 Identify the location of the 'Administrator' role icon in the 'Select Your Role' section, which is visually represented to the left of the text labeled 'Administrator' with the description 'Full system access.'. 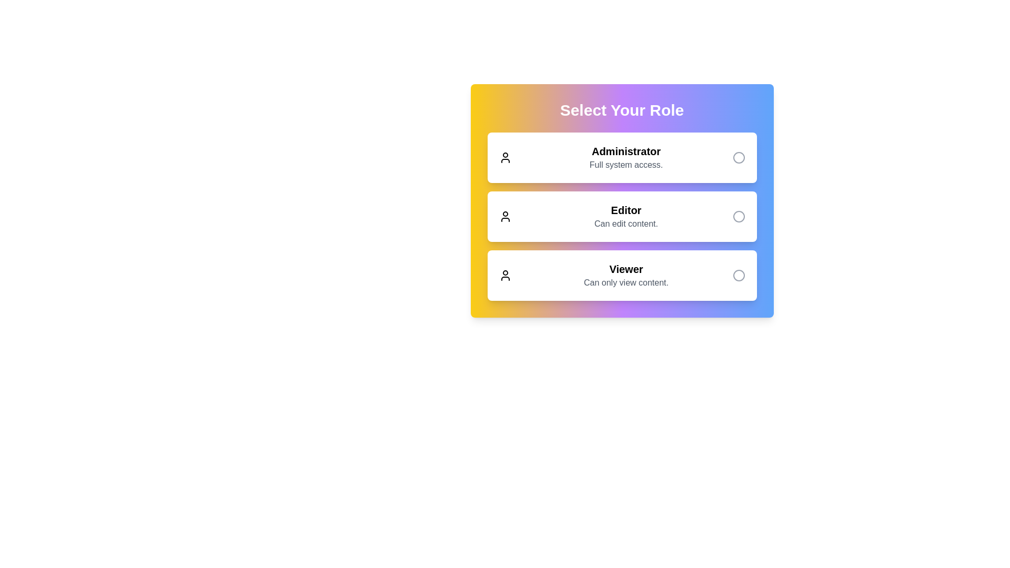
(505, 158).